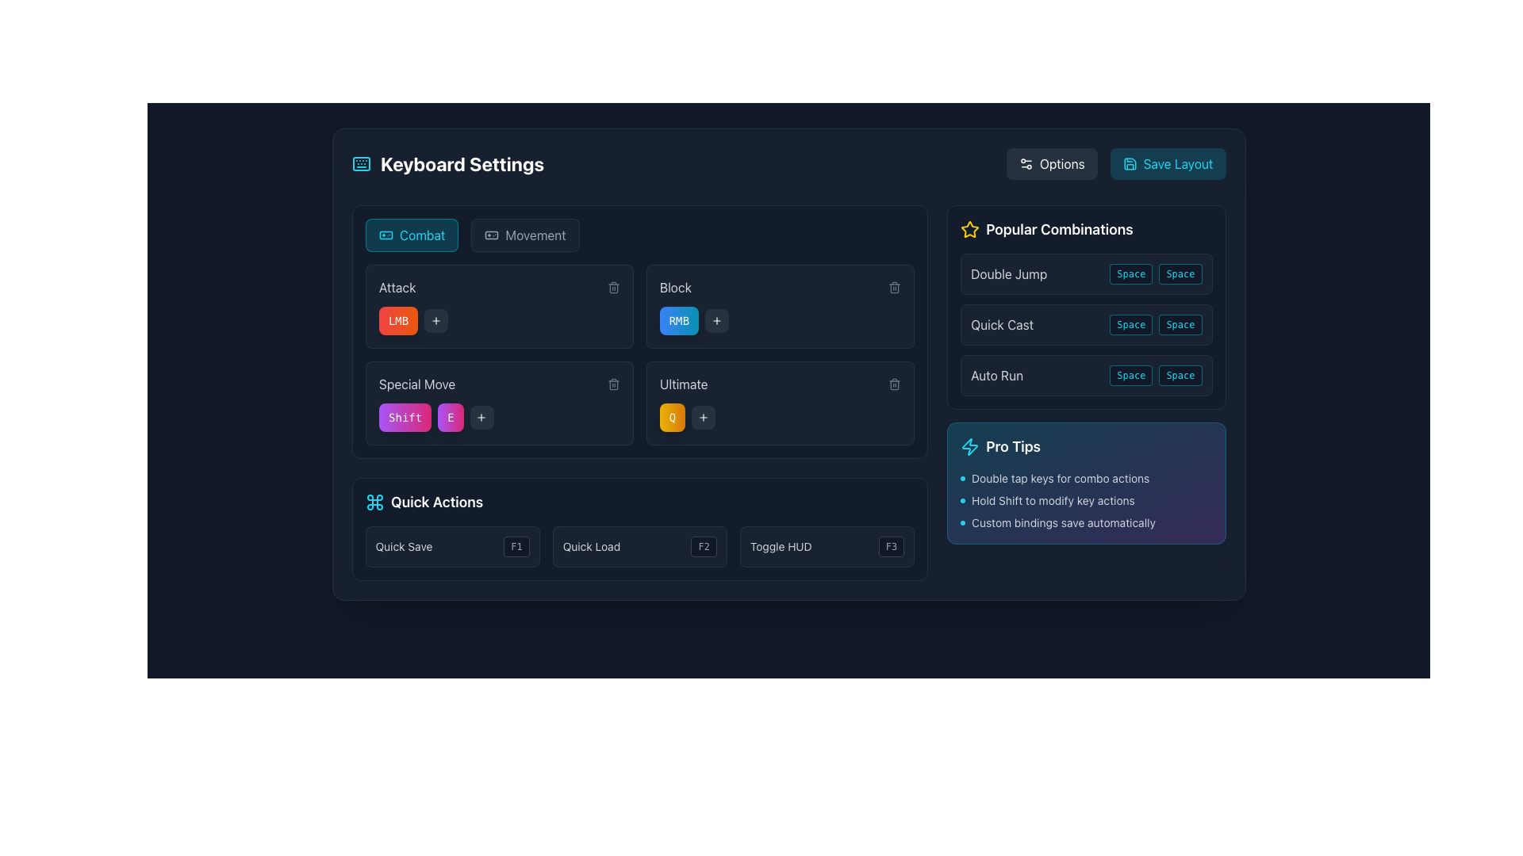 The height and width of the screenshot is (856, 1523). Describe the element at coordinates (716, 321) in the screenshot. I see `the button to the right of the 'RMB' button in the 'Block' section under the 'Combat' category to observe tooltip or visual feedback` at that location.